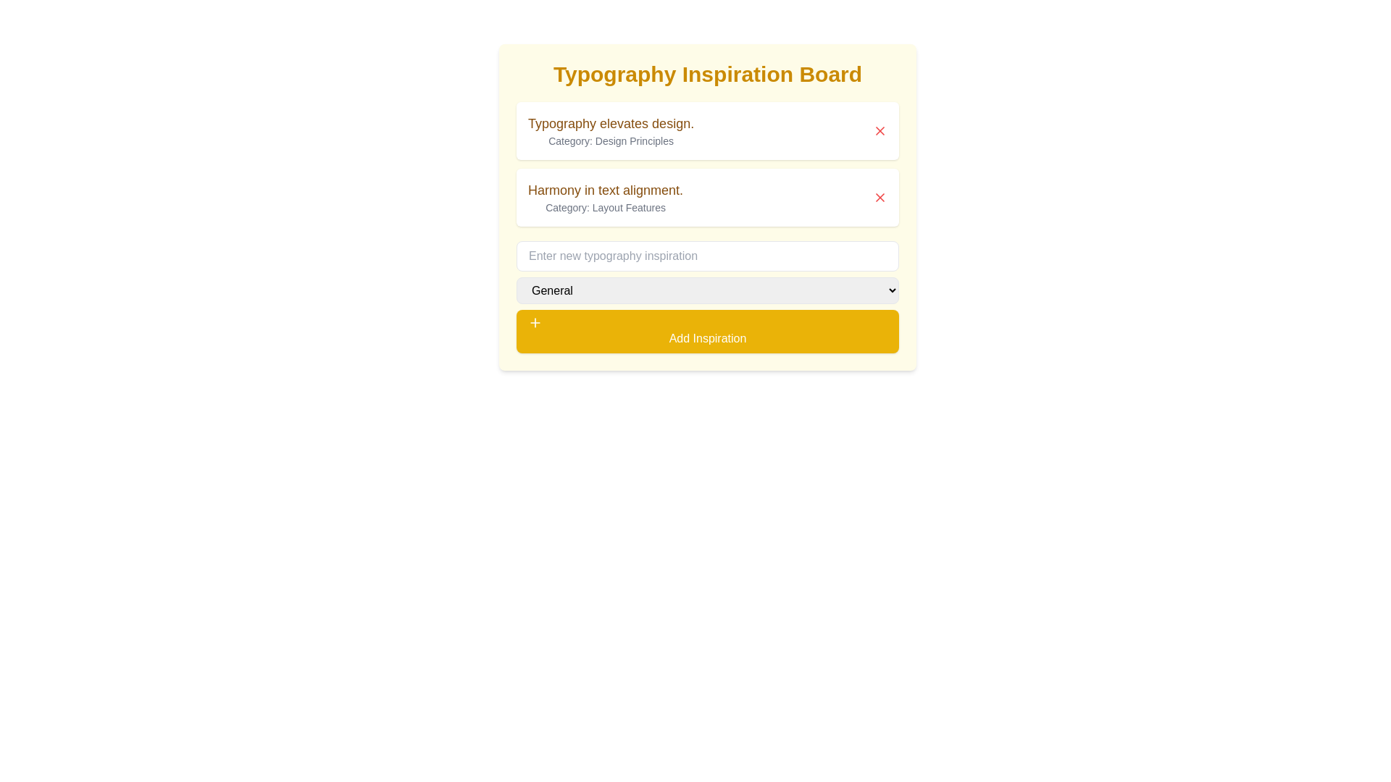 The height and width of the screenshot is (782, 1391). I want to click on the Text Label displaying 'Typography elevates design.' which is styled in a larger font size and a bold, yellowish-brown color, located at the top left of the 'Typography Inspiration Board' interface, so click(611, 122).